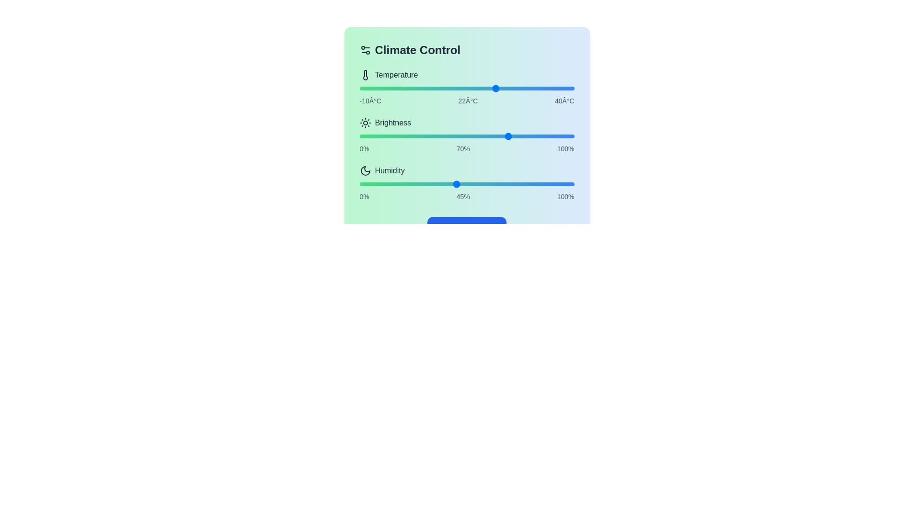 The width and height of the screenshot is (920, 517). What do you see at coordinates (400, 184) in the screenshot?
I see `the humidity` at bounding box center [400, 184].